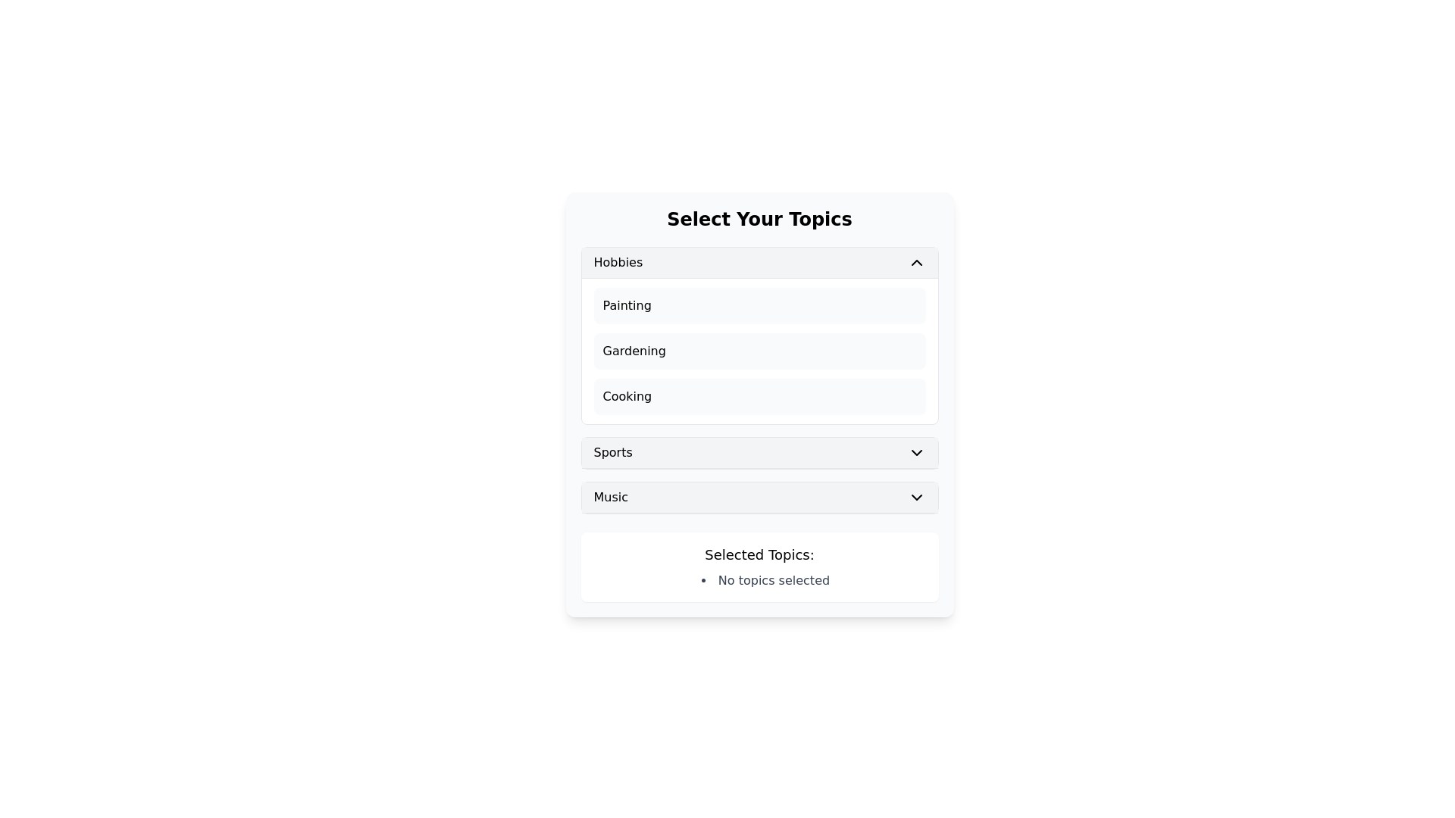 This screenshot has height=818, width=1455. Describe the element at coordinates (759, 498) in the screenshot. I see `the selectable menu item for music-related options located near the bottom of the list, just above the 'Selected Topics' section` at that location.